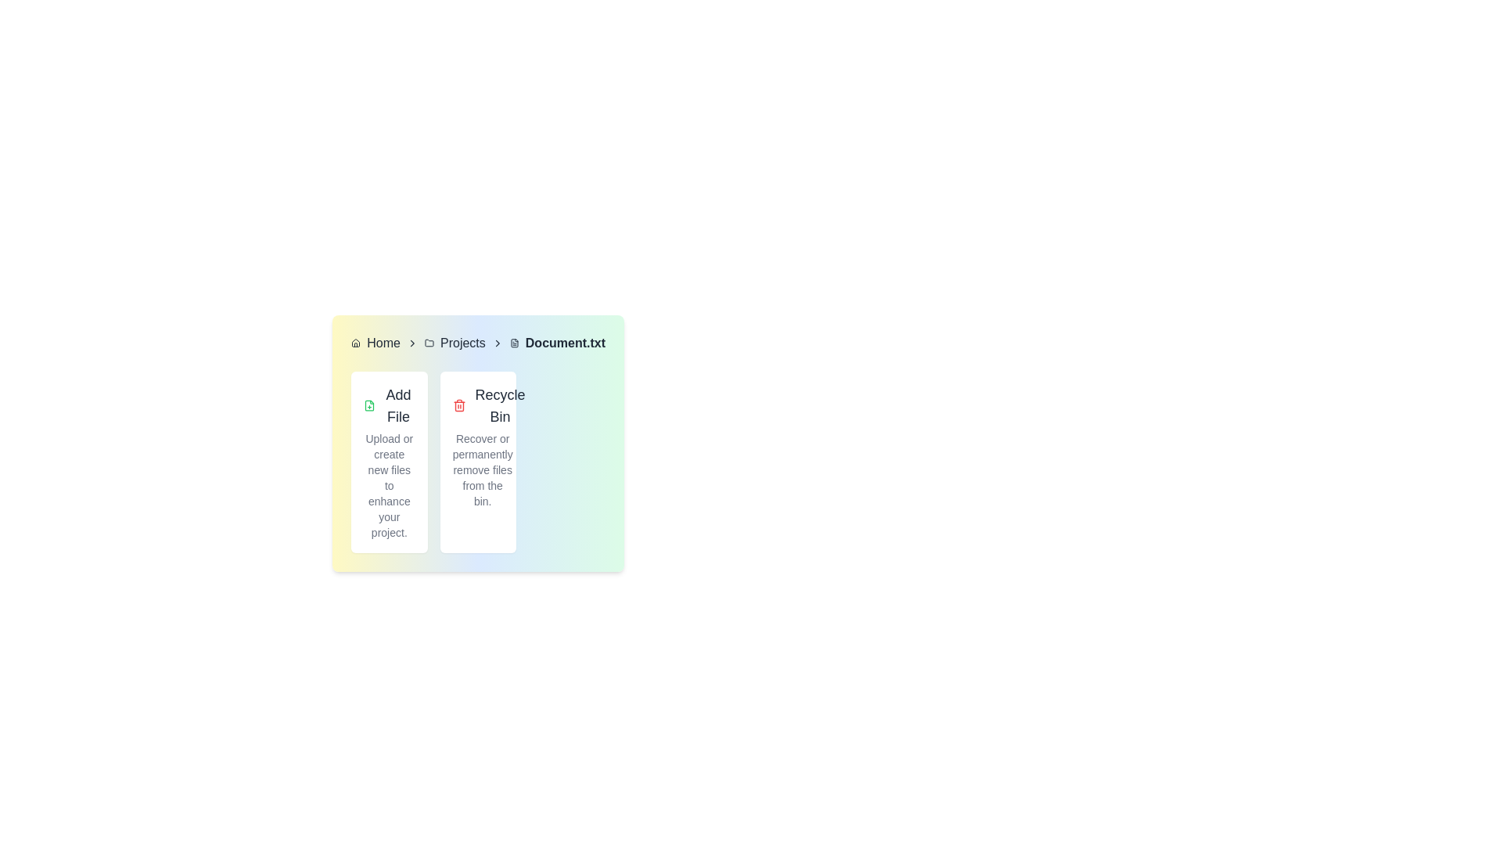 This screenshot has height=845, width=1502. I want to click on the right-pointing black chevron icon located between the 'Home' and 'Projects' text in the breadcrumb navigation, so click(412, 343).